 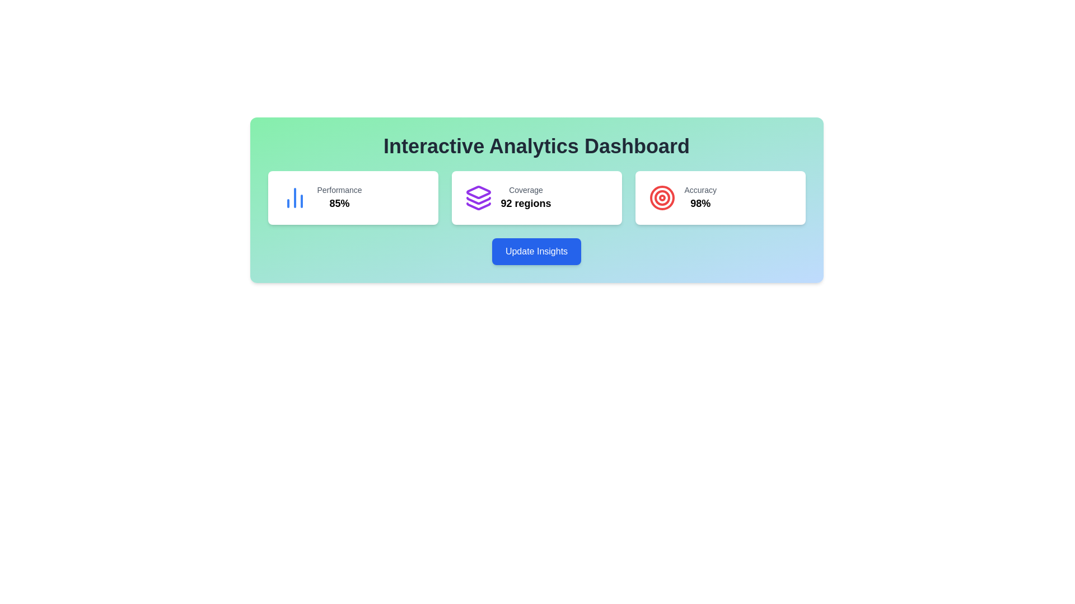 I want to click on the Decorative icon (SVG shape) representing a target in the Accuracy card on the rightmost side of the dashboard, so click(x=662, y=197).